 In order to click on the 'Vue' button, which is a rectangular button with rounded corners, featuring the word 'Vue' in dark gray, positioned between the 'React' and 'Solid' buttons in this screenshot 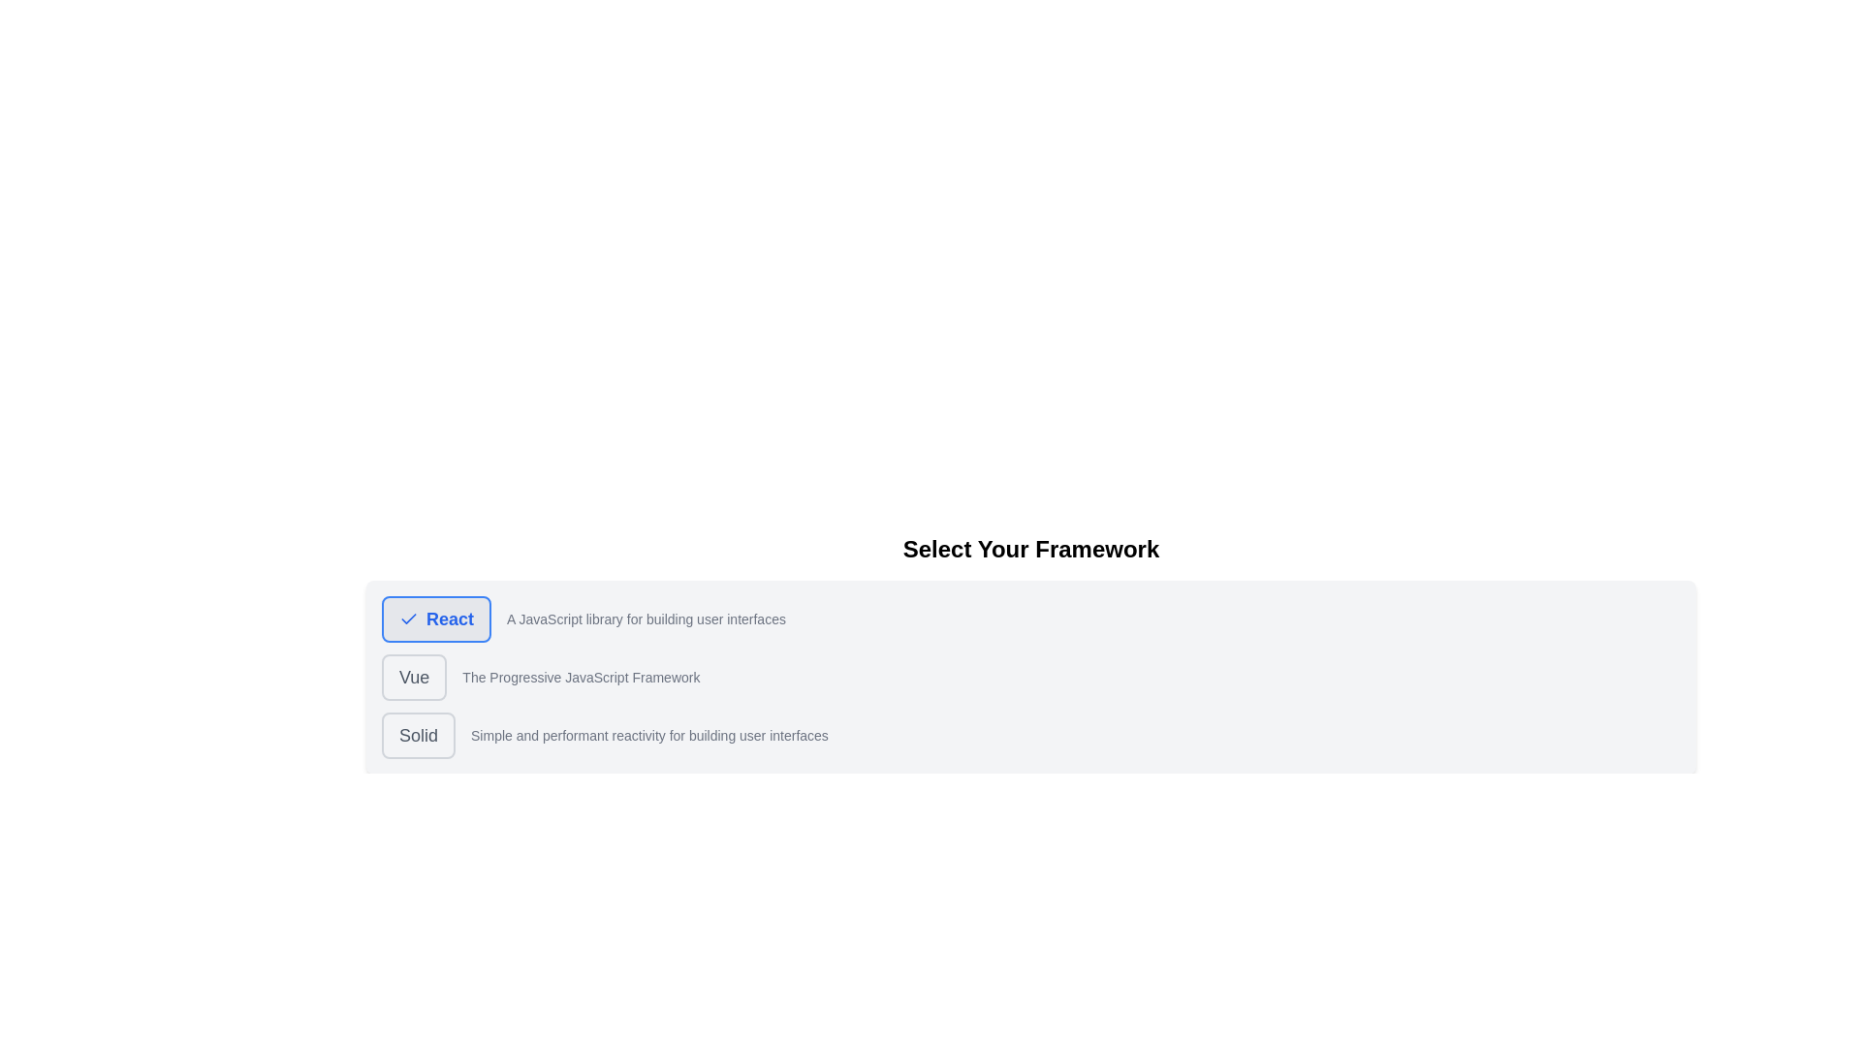, I will do `click(413, 676)`.